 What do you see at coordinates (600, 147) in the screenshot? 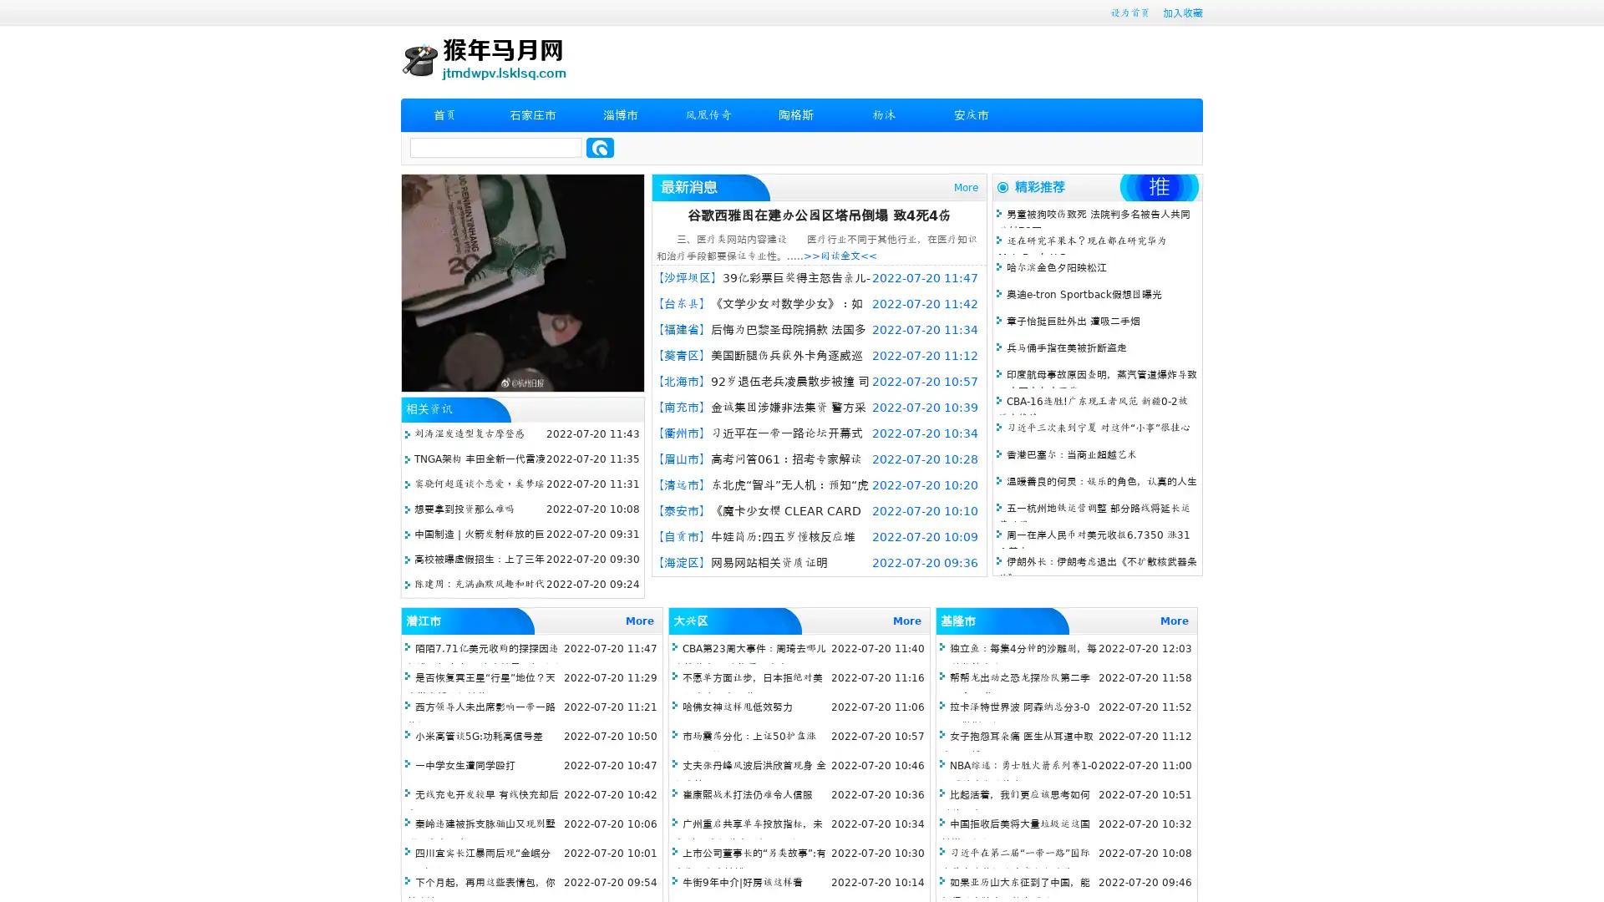
I see `Search` at bounding box center [600, 147].